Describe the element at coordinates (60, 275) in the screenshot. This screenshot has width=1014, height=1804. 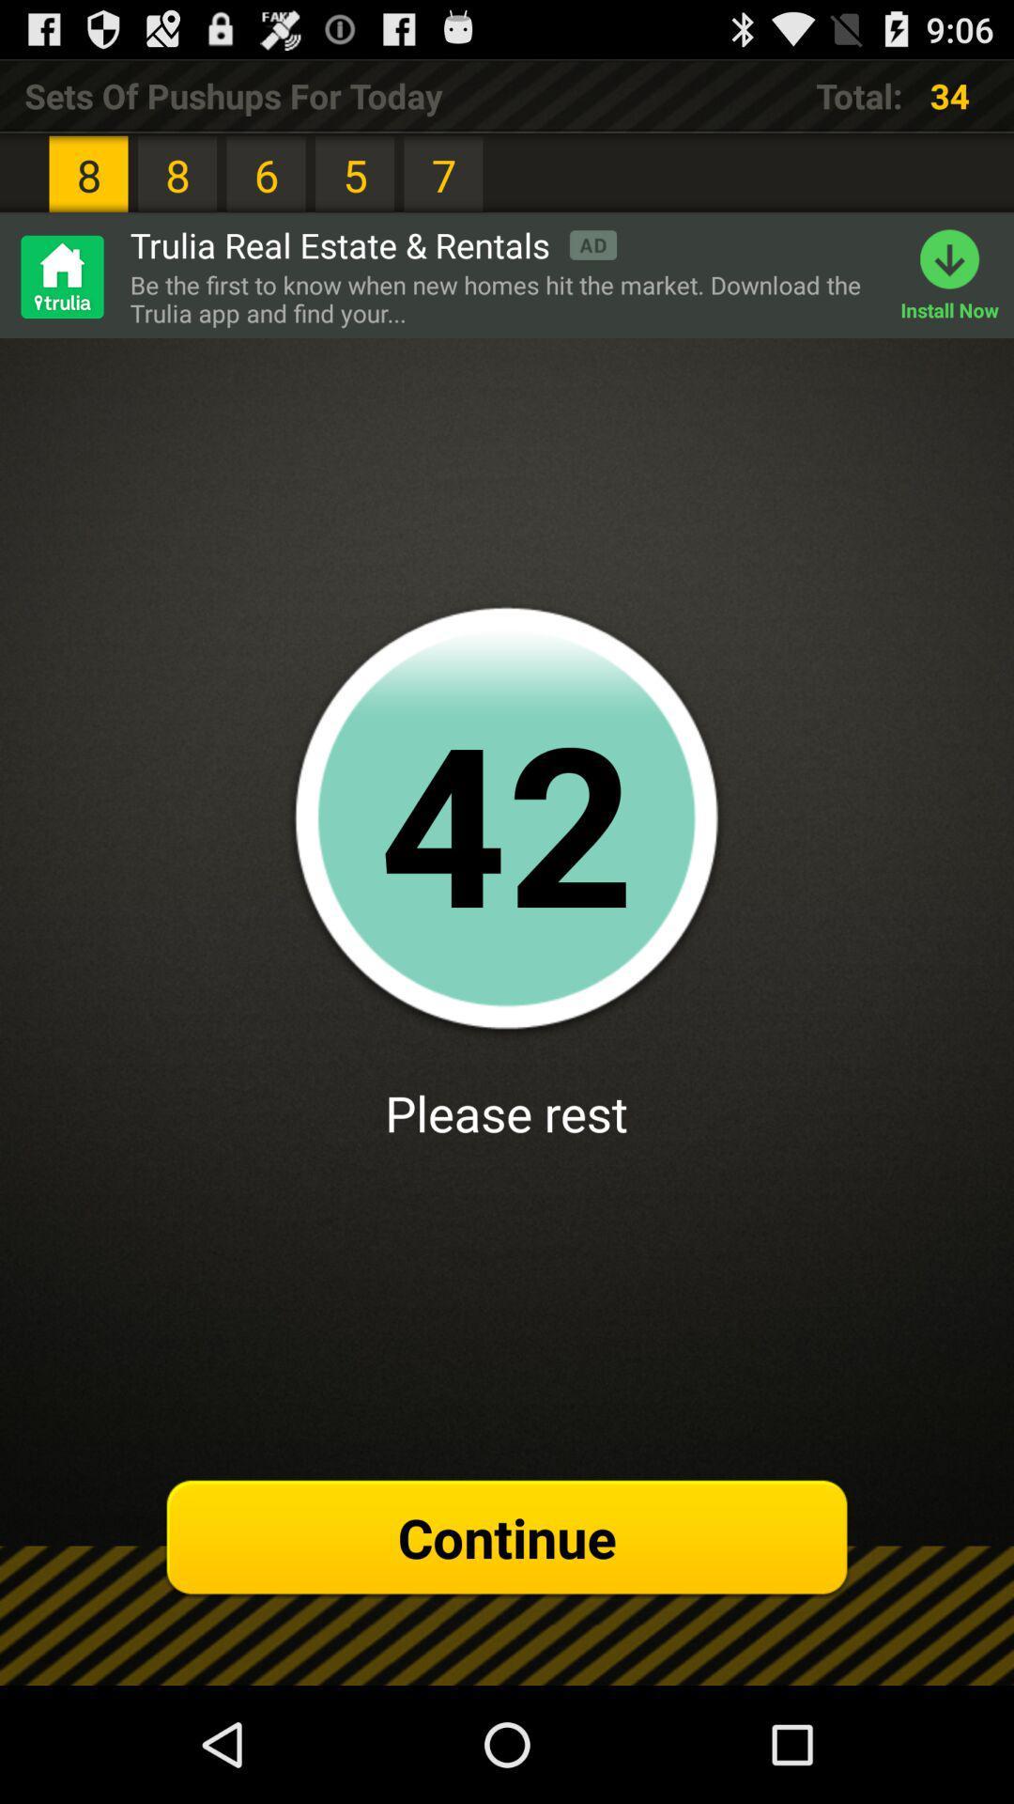
I see `app page of the app in the advertisement` at that location.